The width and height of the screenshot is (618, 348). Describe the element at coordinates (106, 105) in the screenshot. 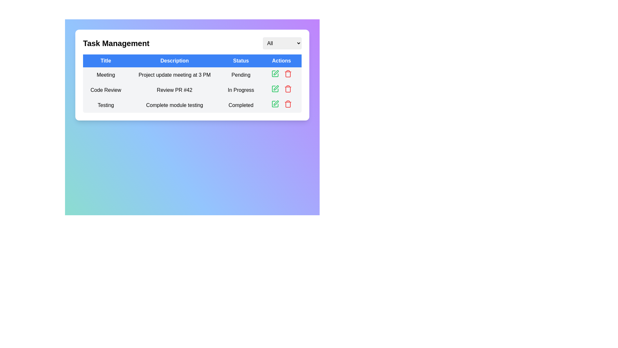

I see `the text label or table cell that serves as a title or identifier for a task, located in the leftmost column of a table under the title 'Title'` at that location.